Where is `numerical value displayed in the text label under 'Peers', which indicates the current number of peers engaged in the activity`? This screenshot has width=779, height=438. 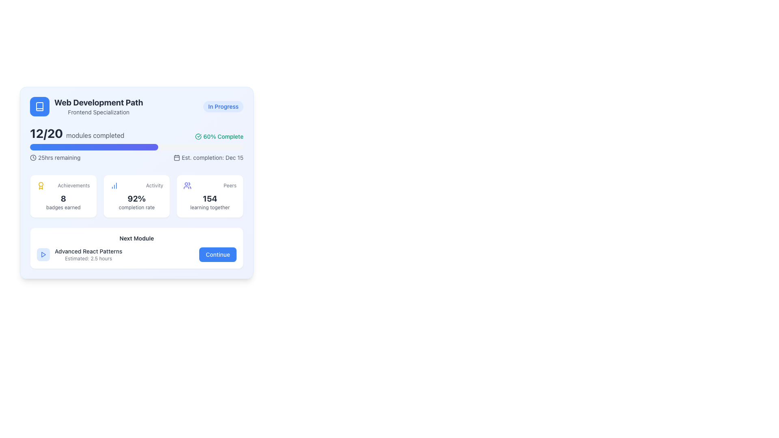 numerical value displayed in the text label under 'Peers', which indicates the current number of peers engaged in the activity is located at coordinates (210, 198).